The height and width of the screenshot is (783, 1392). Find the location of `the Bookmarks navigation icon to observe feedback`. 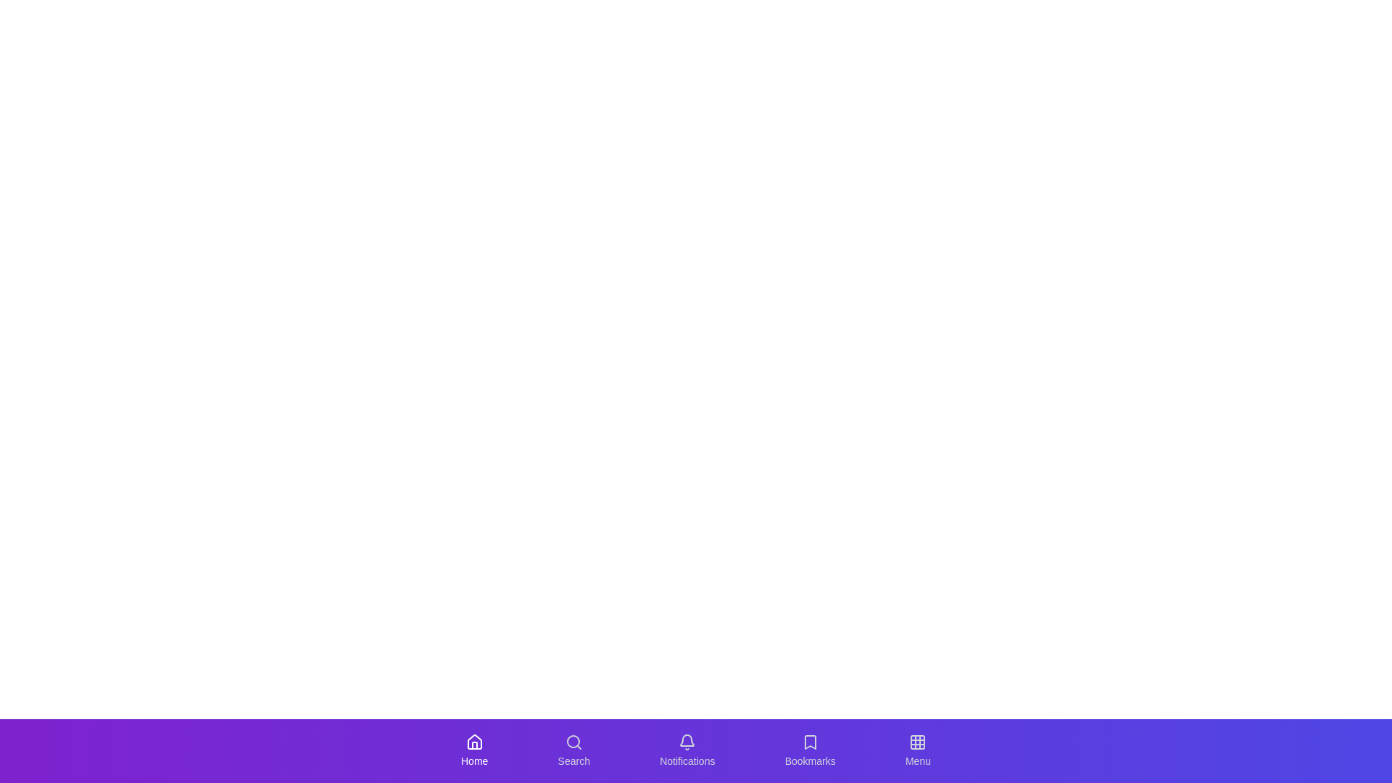

the Bookmarks navigation icon to observe feedback is located at coordinates (809, 750).